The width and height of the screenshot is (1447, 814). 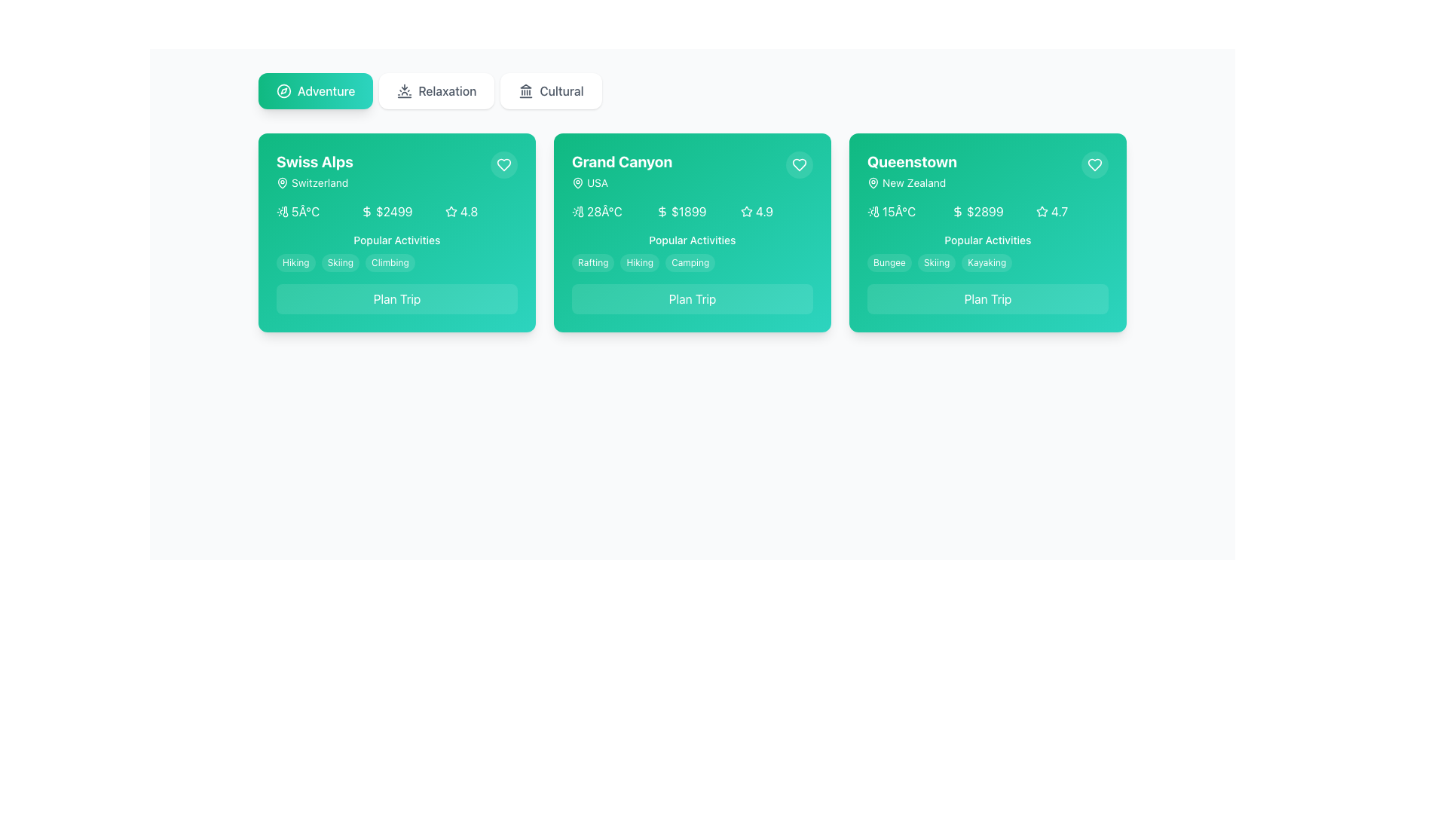 I want to click on the text label displaying 'Queenstown' in bold, large white font on a green background, located near the top-left corner of the card representing Queenstown, so click(x=911, y=162).